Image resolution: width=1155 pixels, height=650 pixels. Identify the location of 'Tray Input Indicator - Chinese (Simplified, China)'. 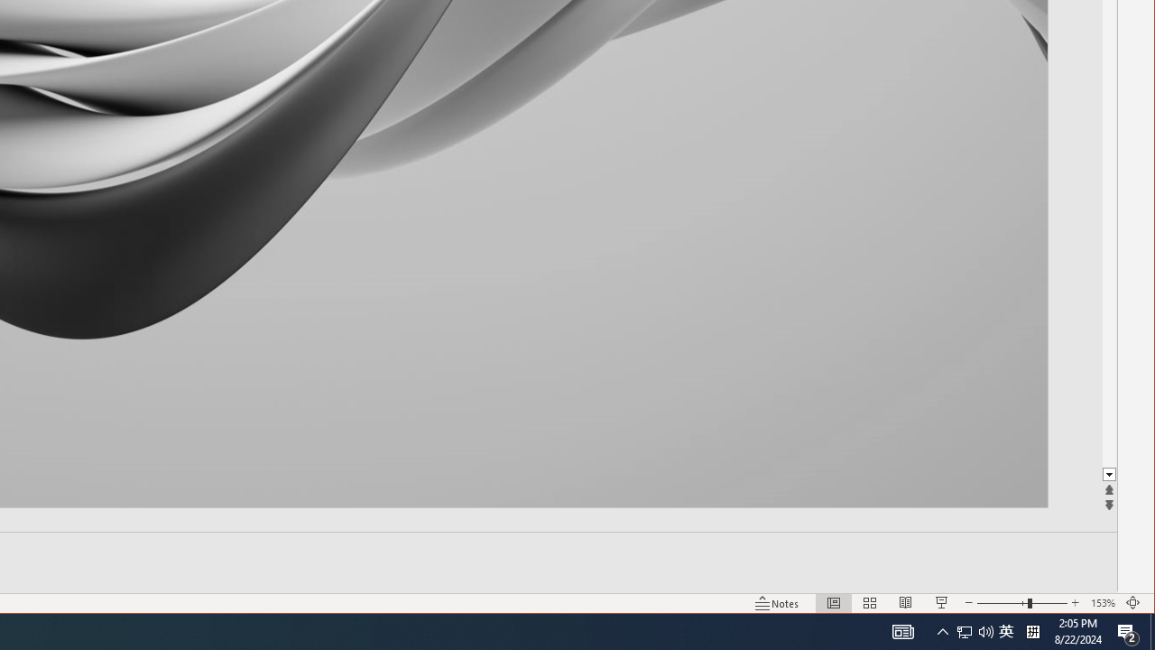
(1032, 630).